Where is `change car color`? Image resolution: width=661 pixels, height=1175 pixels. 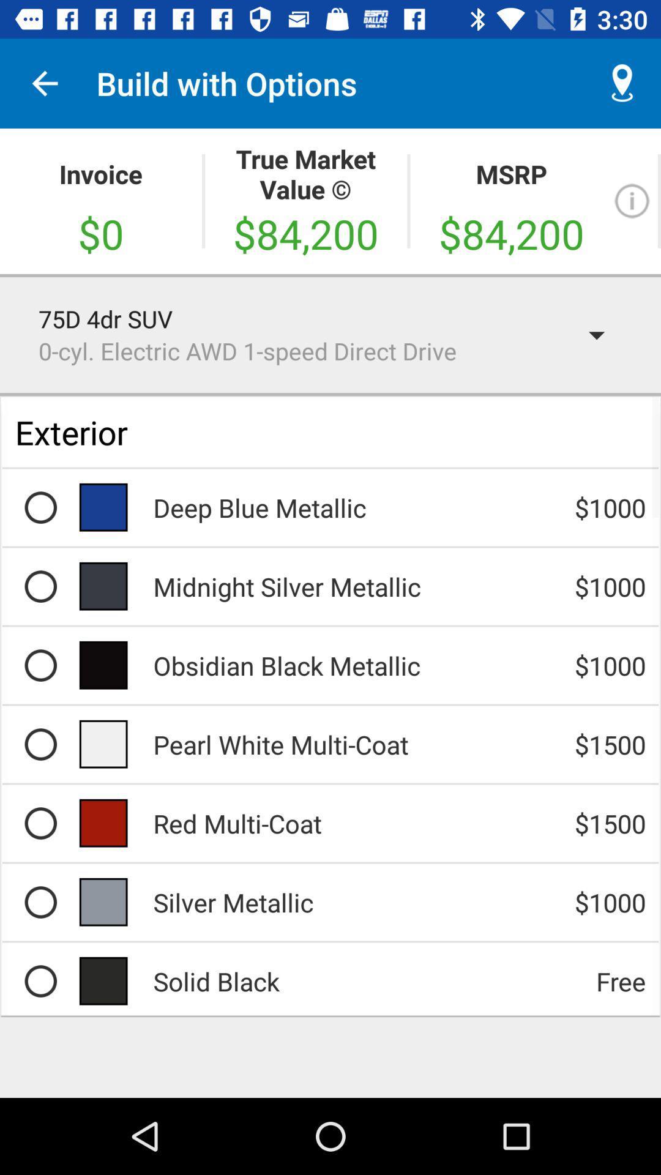 change car color is located at coordinates (40, 744).